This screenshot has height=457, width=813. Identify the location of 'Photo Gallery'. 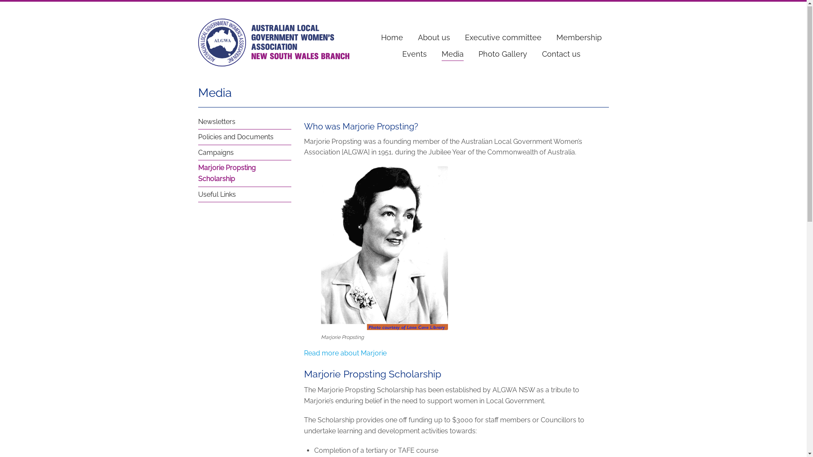
(503, 54).